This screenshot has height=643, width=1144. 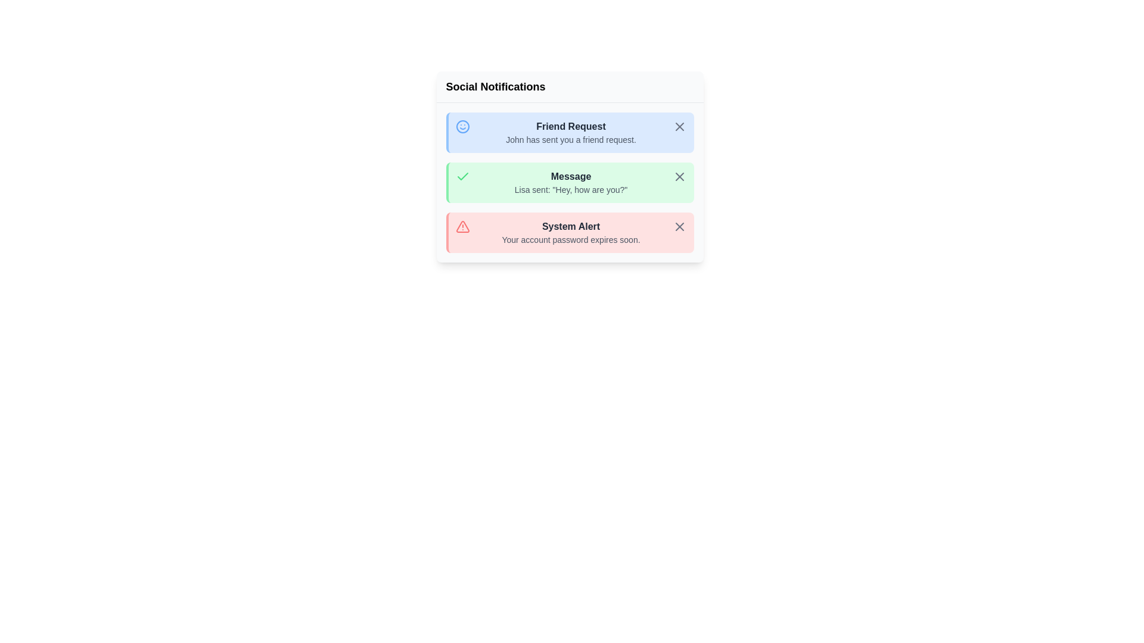 I want to click on static text message displayed in light gray color that reads: 'Lisa sent: "Hey, how are you?"' located within the green-background notification panel labeled 'Message', so click(x=570, y=189).